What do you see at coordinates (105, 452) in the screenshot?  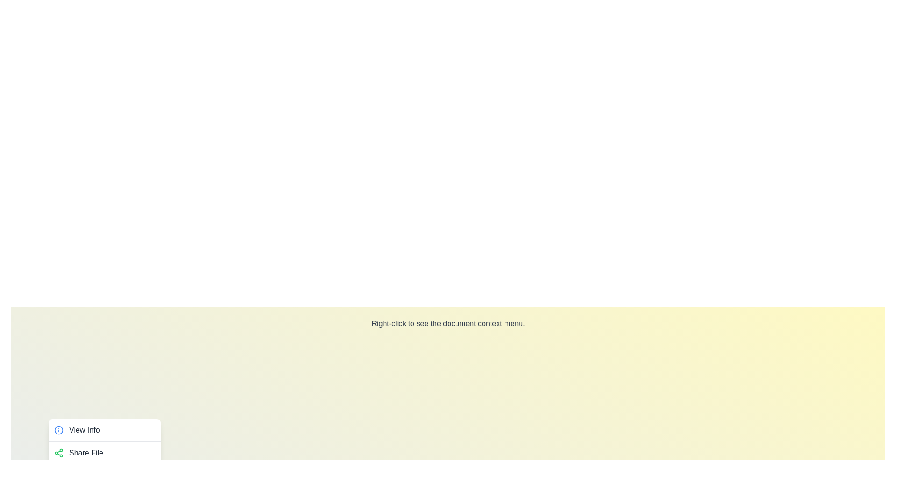 I see `the 'Share File' option in the context menu` at bounding box center [105, 452].